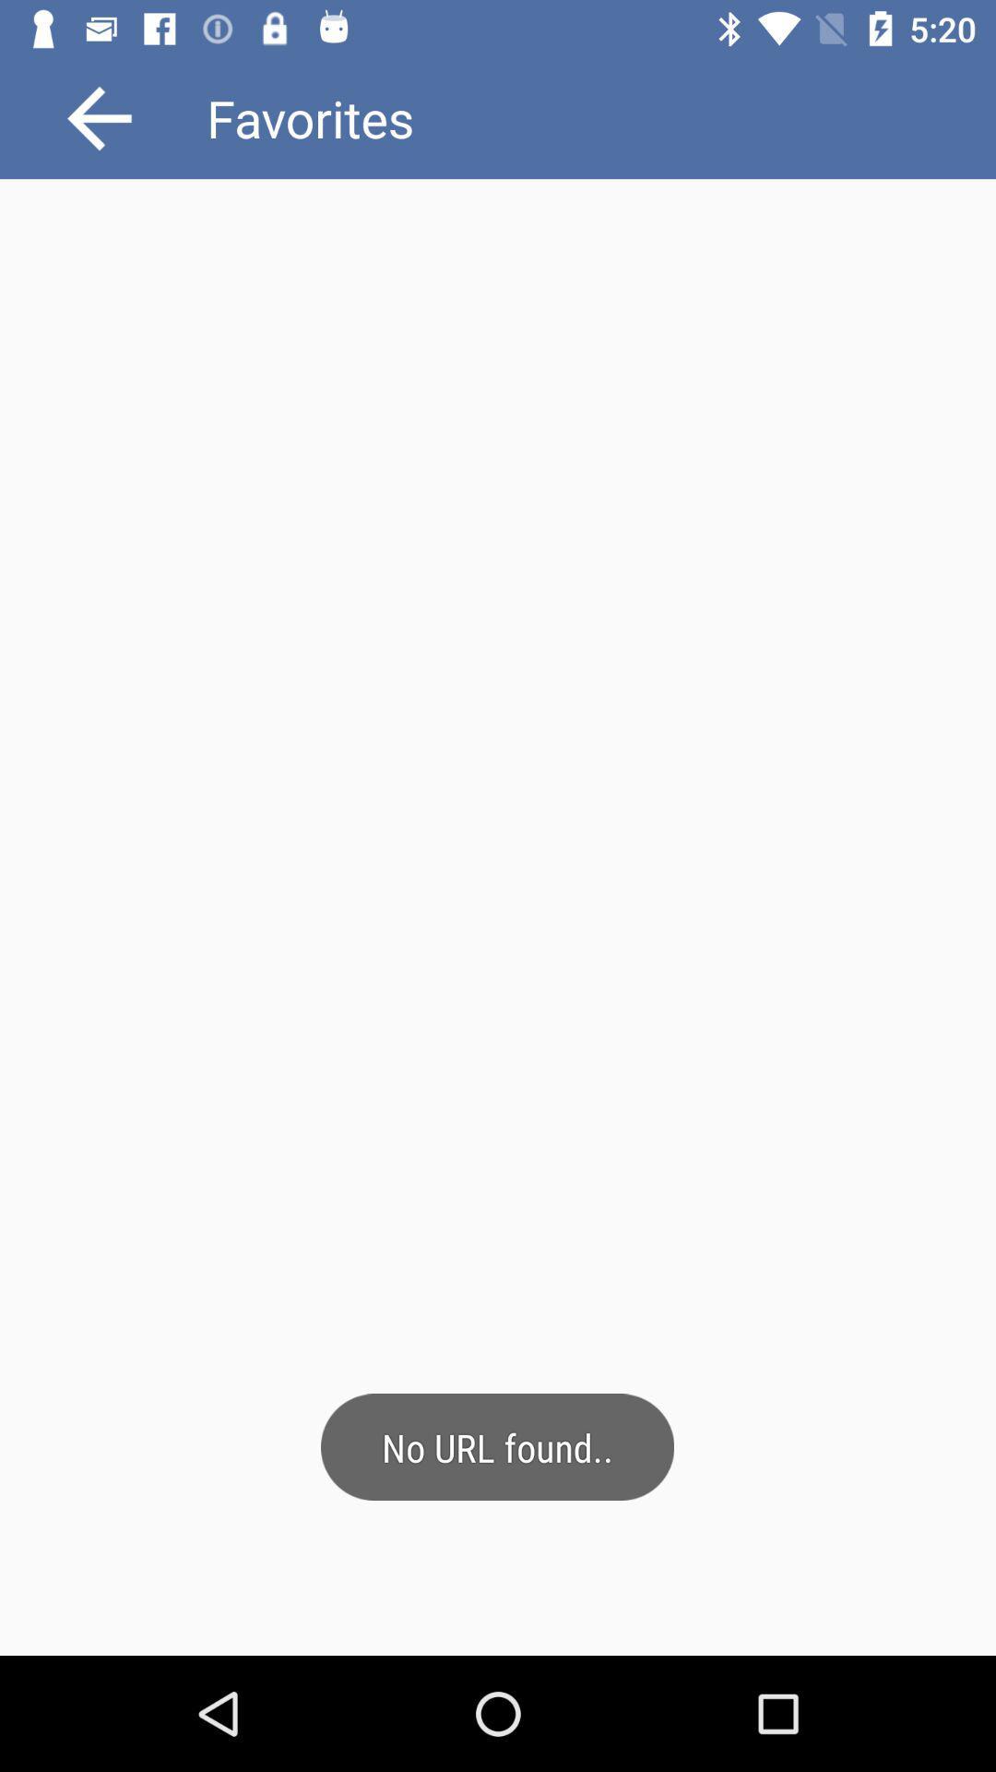 This screenshot has height=1772, width=996. Describe the element at coordinates (100, 117) in the screenshot. I see `back puttern` at that location.